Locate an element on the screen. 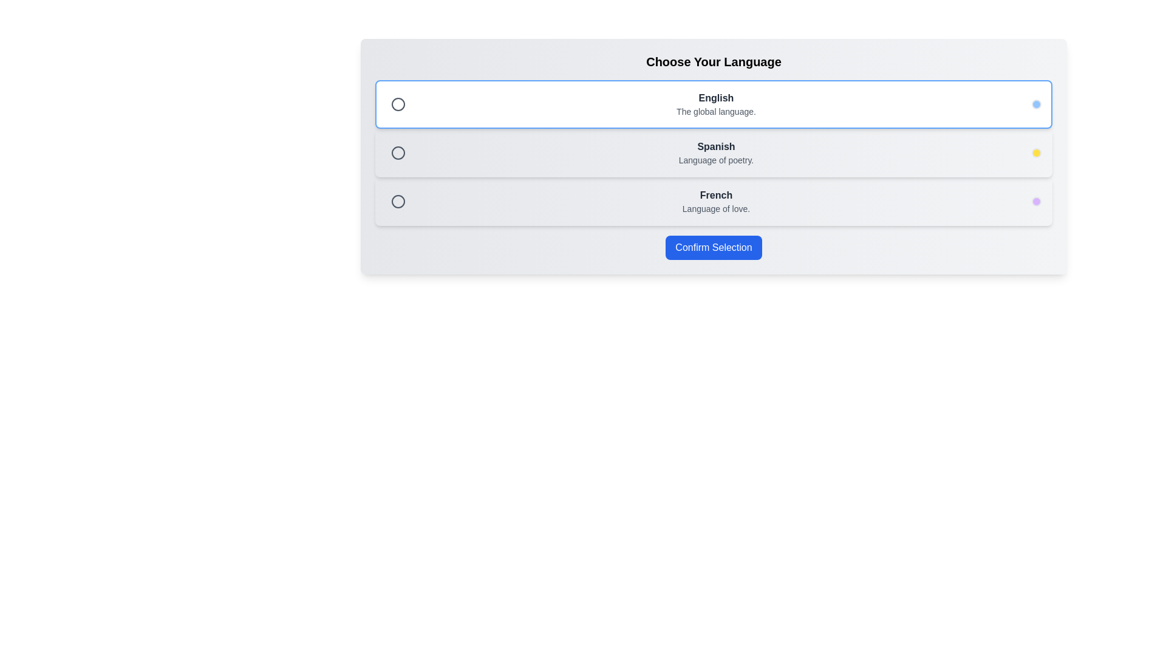  the text element that reads 'The global language.' located directly beneath the title 'English' in the language selection list is located at coordinates (716, 112).